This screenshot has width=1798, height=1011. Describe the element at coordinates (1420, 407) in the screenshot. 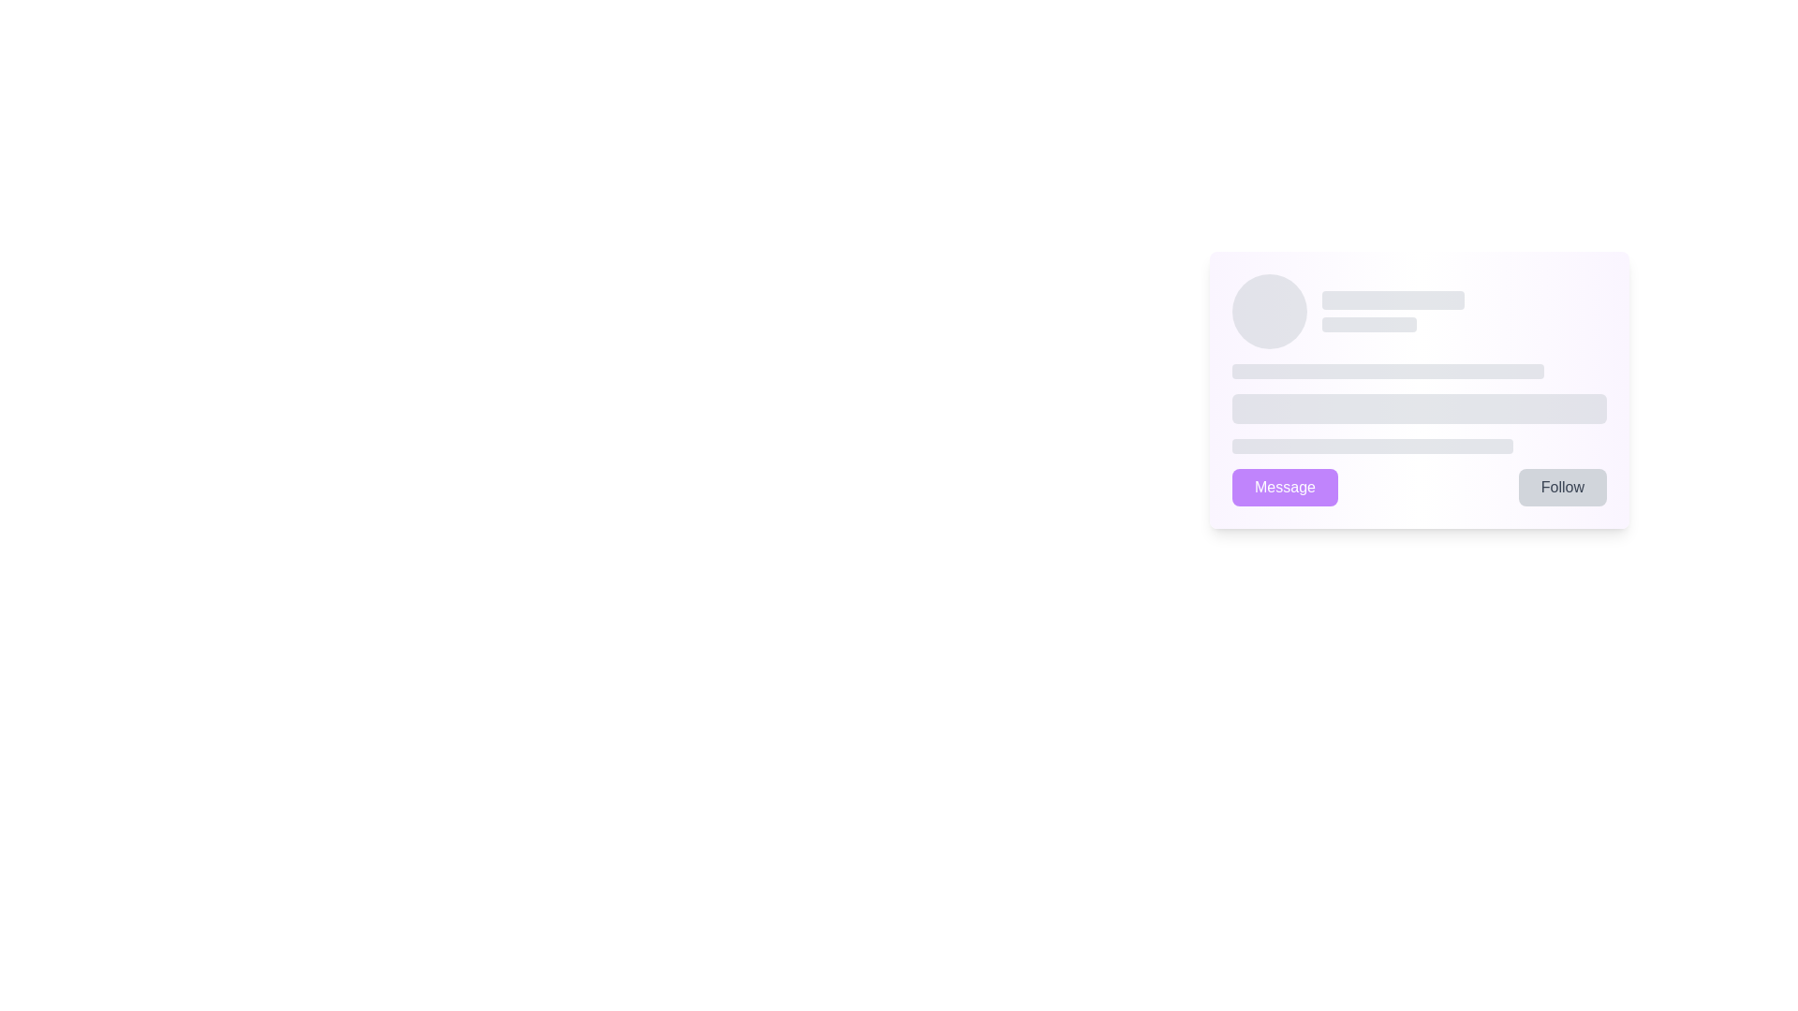

I see `the Skeleton loader element, which consists of three vertically stacked, horizontally centered, rounded rectangles in light gray, with varying lengths from long to short` at that location.